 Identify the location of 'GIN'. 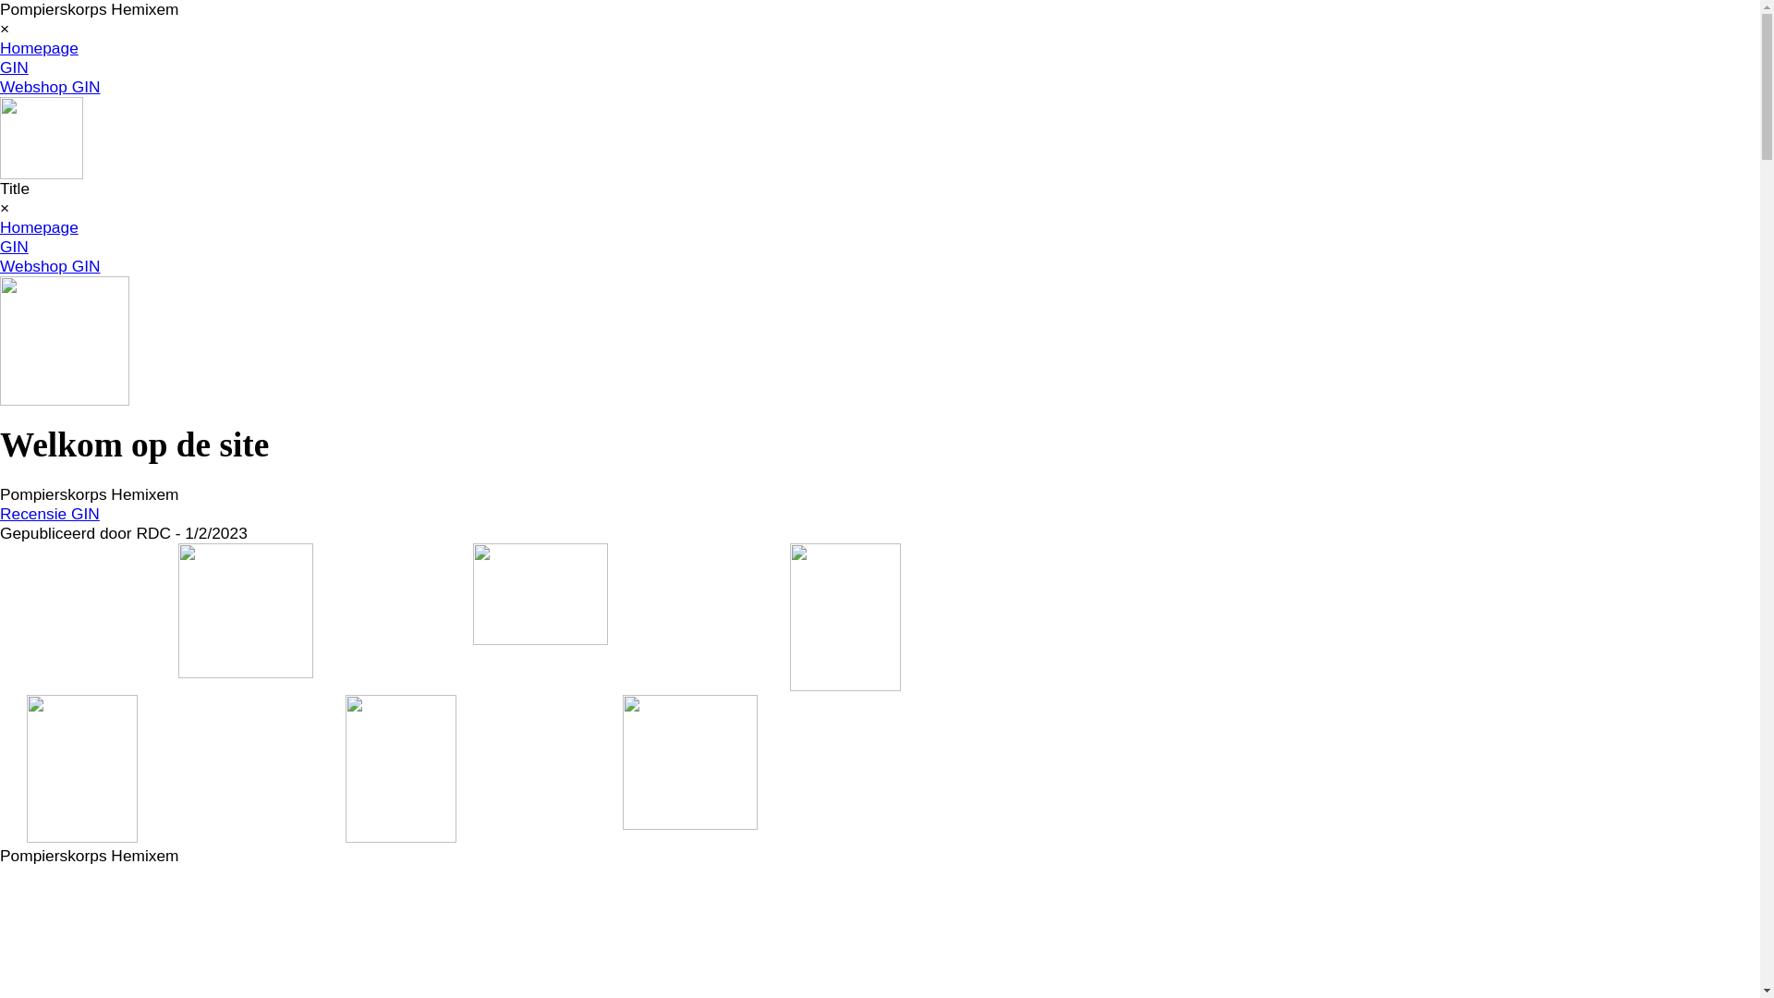
(14, 67).